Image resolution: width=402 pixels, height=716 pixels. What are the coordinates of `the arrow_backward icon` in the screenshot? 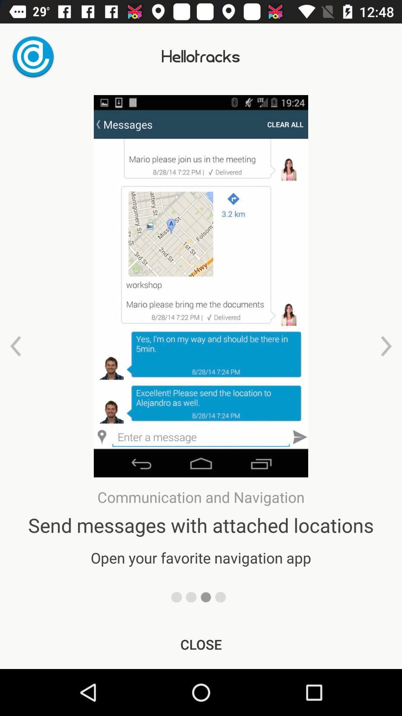 It's located at (16, 346).